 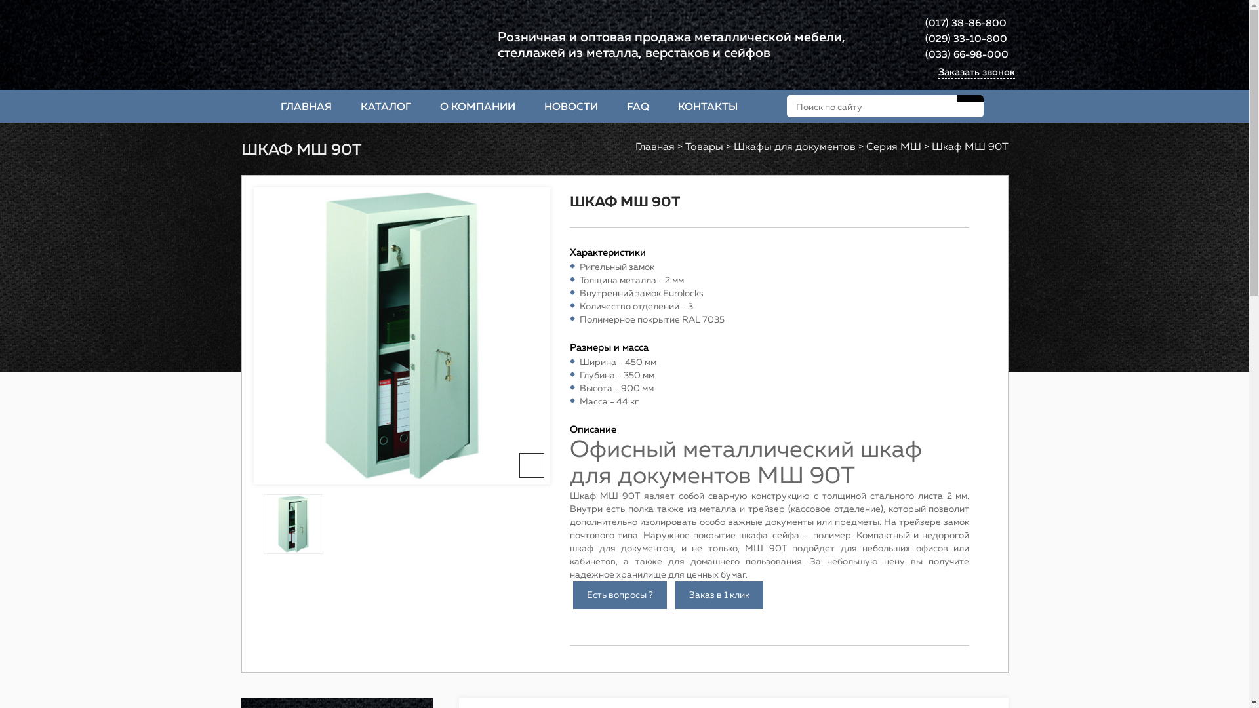 What do you see at coordinates (965, 39) in the screenshot?
I see `'(029) 33-10-800'` at bounding box center [965, 39].